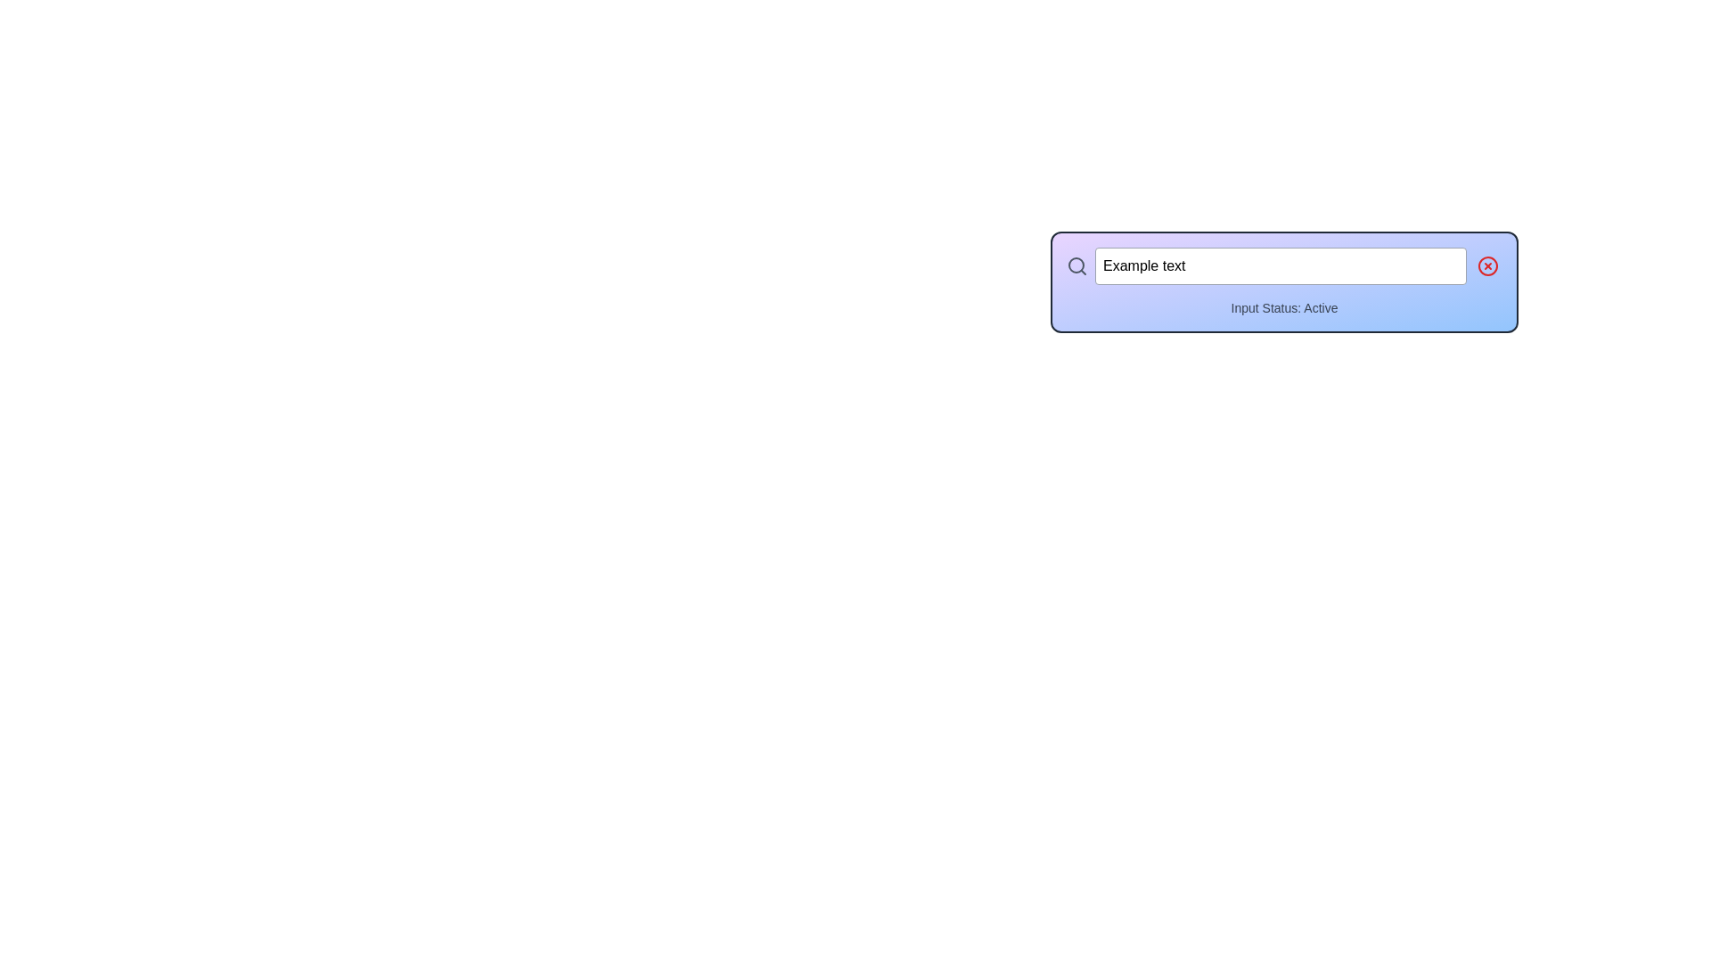 Image resolution: width=1711 pixels, height=962 pixels. Describe the element at coordinates (1284, 307) in the screenshot. I see `the status message Text label that indicates the current state of the input box, positioned directly below the 'Example text' input field` at that location.